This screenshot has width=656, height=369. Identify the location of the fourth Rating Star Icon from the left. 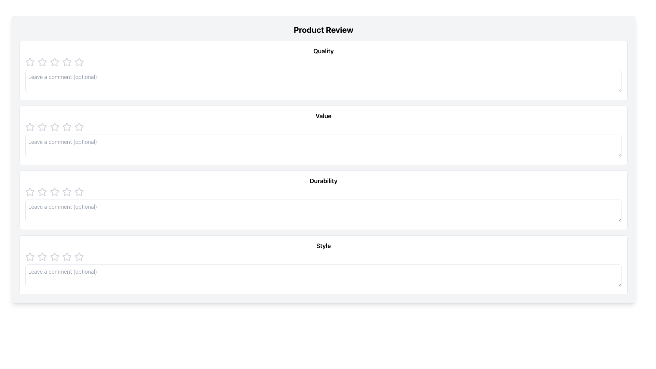
(54, 127).